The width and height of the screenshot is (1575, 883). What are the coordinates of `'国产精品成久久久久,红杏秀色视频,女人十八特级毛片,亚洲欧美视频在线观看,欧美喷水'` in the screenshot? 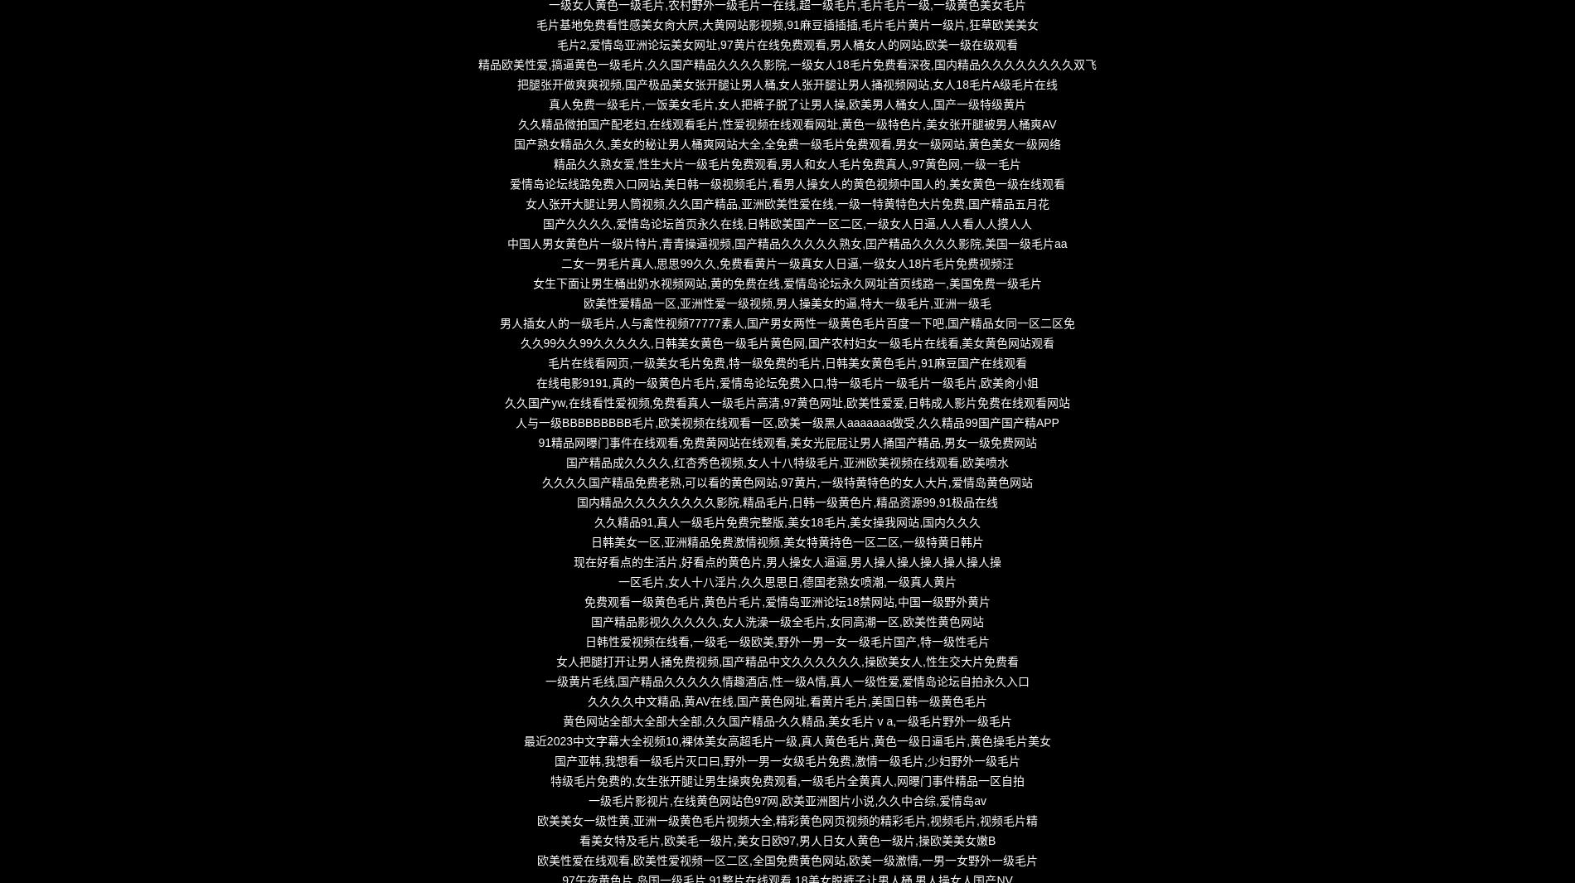 It's located at (786, 462).